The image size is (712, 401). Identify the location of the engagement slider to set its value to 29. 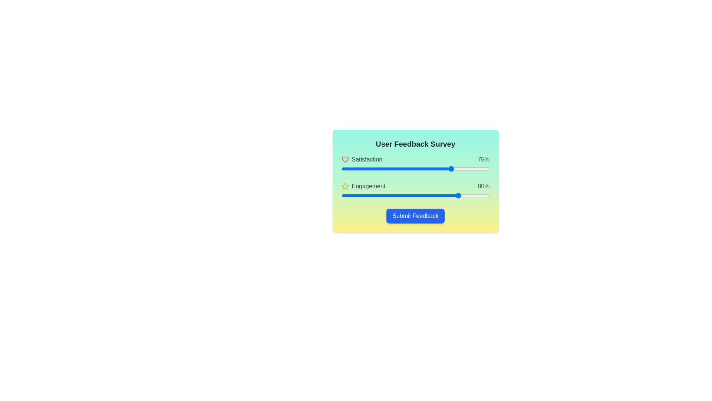
(384, 195).